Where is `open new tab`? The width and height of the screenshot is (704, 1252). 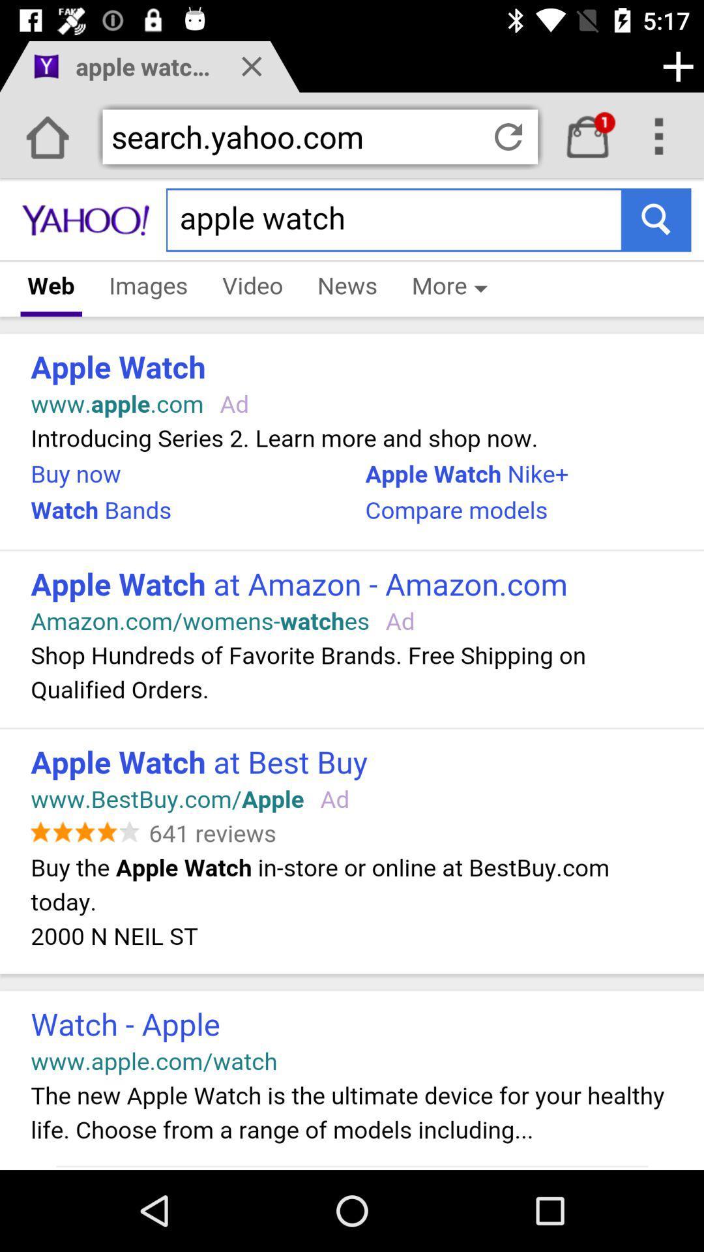
open new tab is located at coordinates (677, 66).